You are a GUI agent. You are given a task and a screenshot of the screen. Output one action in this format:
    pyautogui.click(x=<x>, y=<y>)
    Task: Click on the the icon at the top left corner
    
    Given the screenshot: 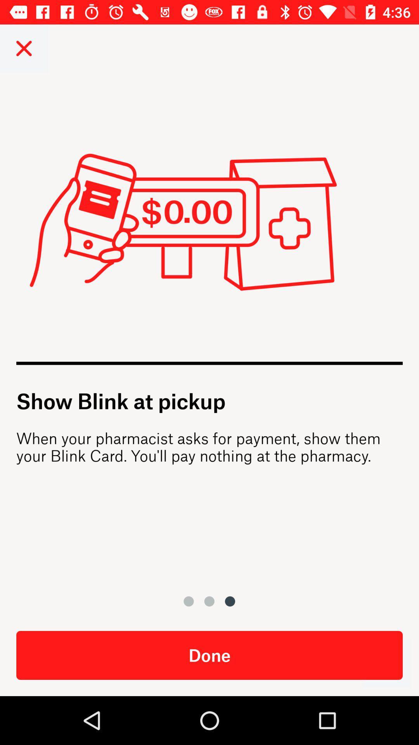 What is the action you would take?
    pyautogui.click(x=23, y=48)
    